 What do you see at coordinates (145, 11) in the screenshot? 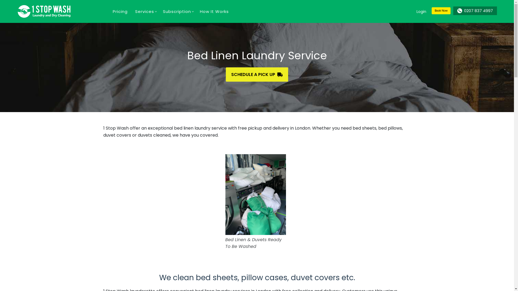
I see `'Services'` at bounding box center [145, 11].